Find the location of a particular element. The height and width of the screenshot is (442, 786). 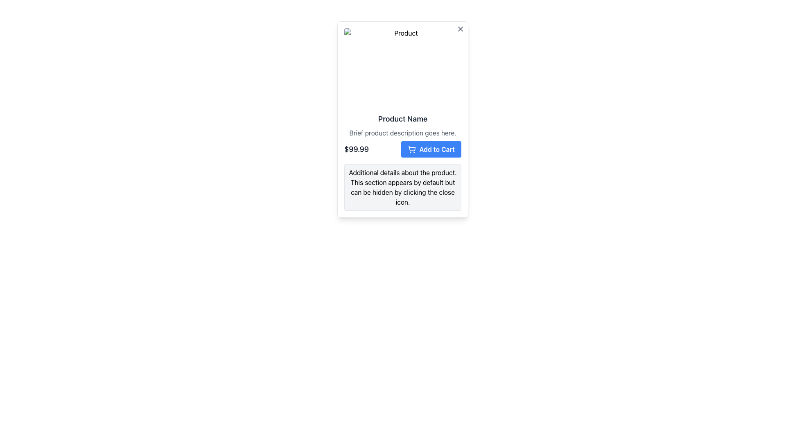

the blue 'Add to Cart' button's shopping cart icon is located at coordinates (412, 149).